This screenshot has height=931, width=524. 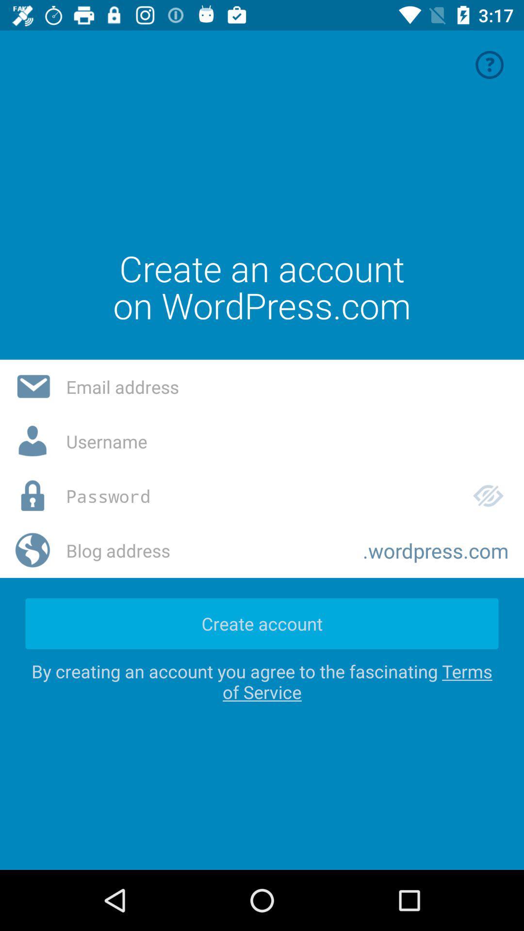 What do you see at coordinates (262, 624) in the screenshot?
I see `create account` at bounding box center [262, 624].